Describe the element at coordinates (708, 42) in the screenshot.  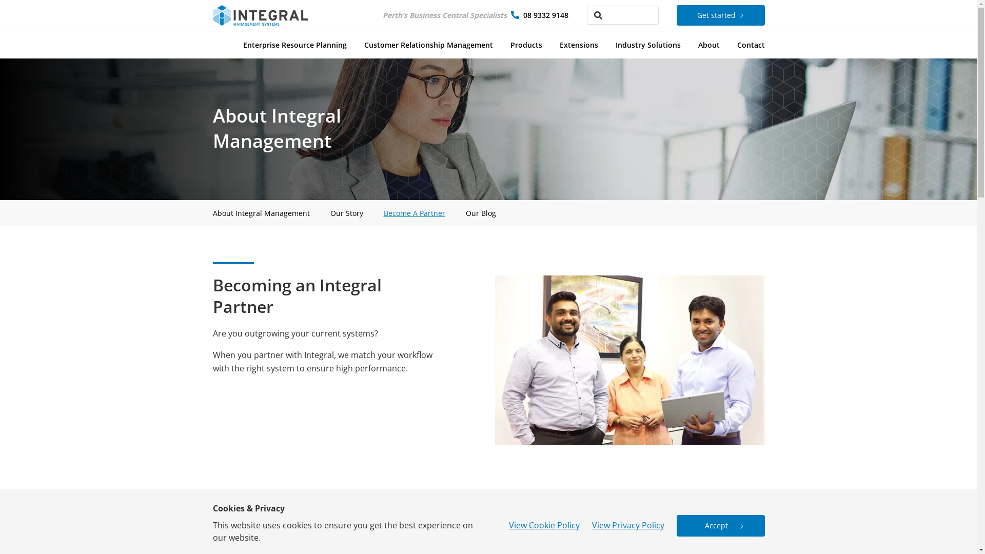
I see `'About'` at that location.